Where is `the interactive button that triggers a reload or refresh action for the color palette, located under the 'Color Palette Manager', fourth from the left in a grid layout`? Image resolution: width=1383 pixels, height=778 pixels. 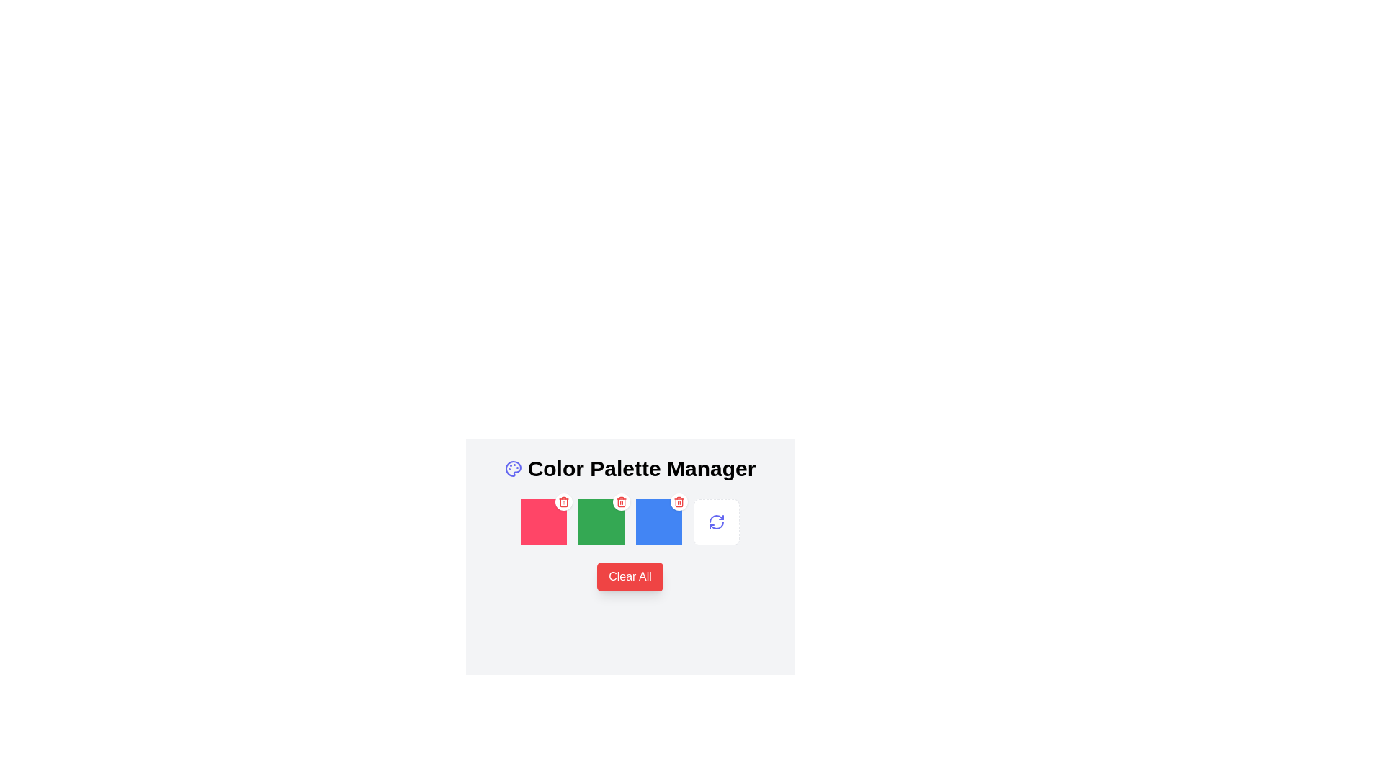 the interactive button that triggers a reload or refresh action for the color palette, located under the 'Color Palette Manager', fourth from the left in a grid layout is located at coordinates (716, 522).